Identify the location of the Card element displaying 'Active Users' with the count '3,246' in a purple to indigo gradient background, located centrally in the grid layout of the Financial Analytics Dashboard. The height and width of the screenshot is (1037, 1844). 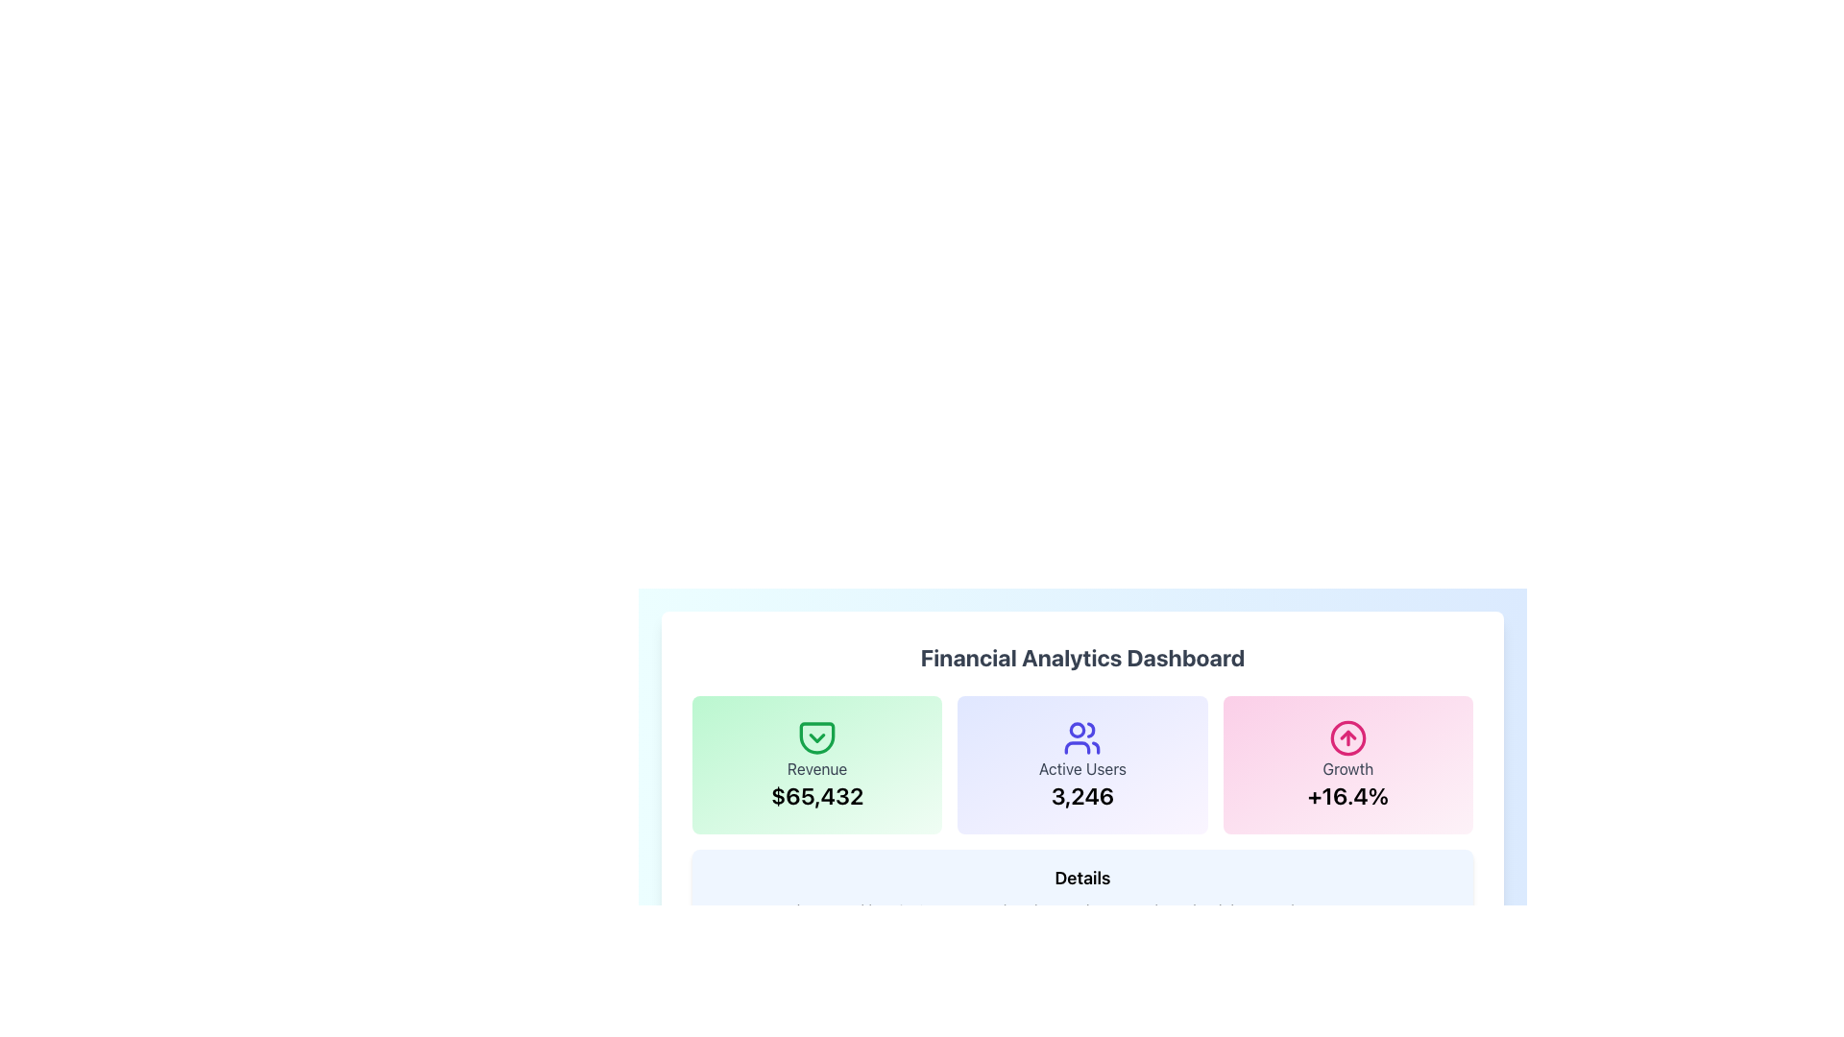
(1082, 764).